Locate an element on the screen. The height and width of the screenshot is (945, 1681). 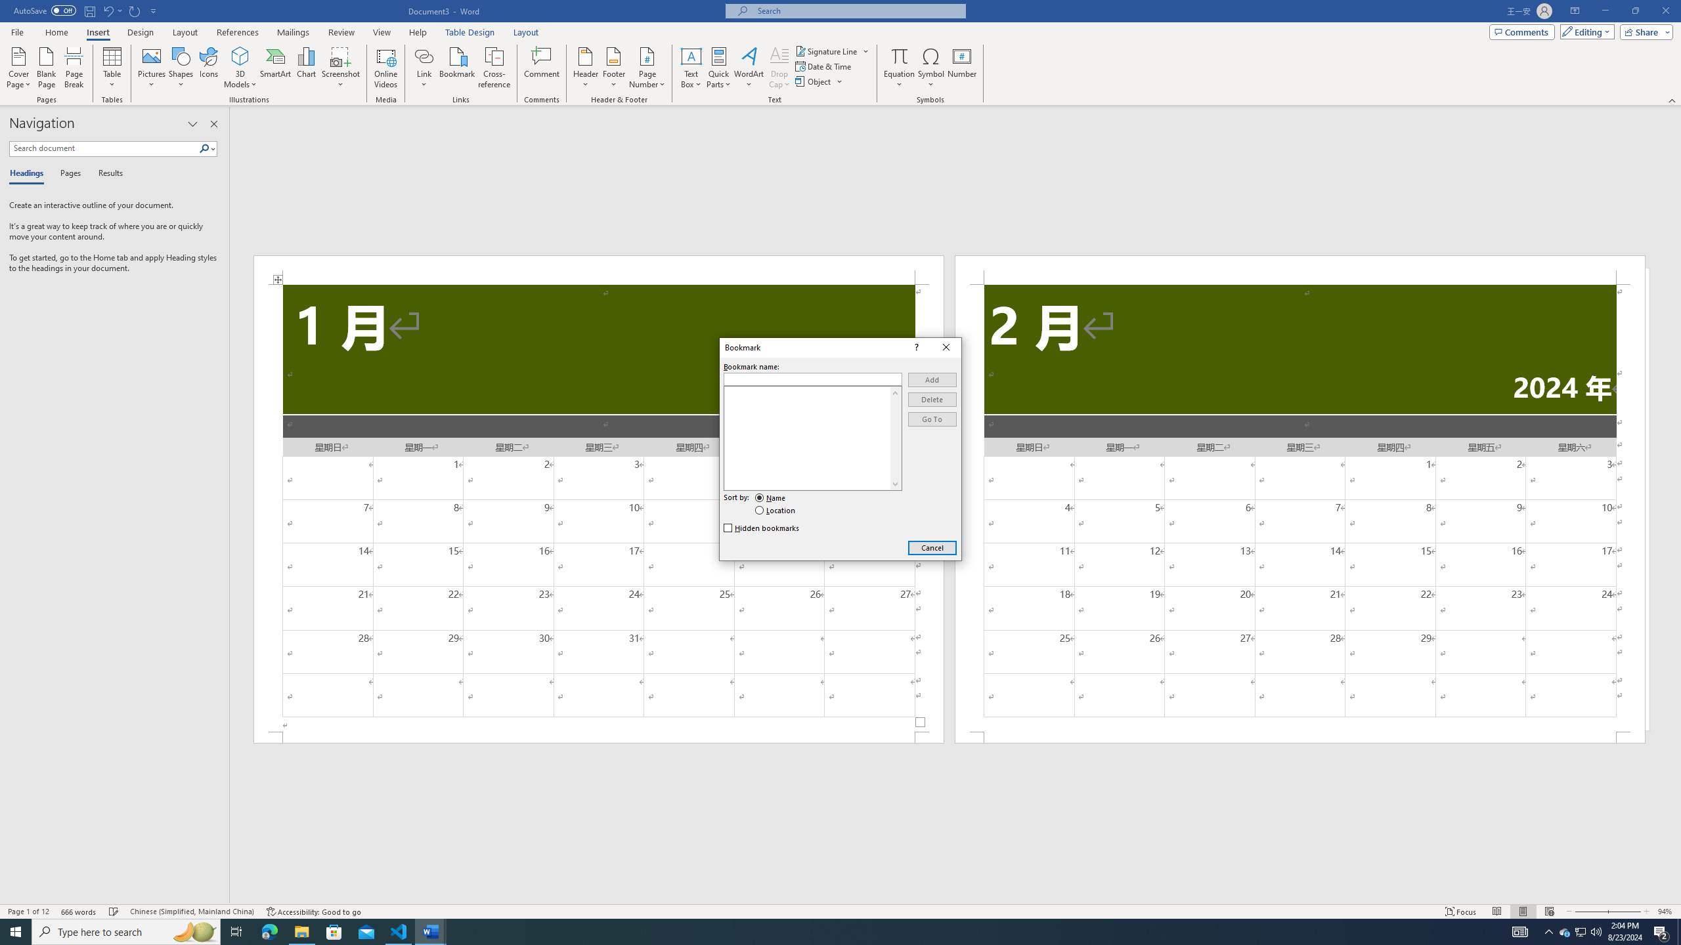
'Type here to search' is located at coordinates (125, 931).